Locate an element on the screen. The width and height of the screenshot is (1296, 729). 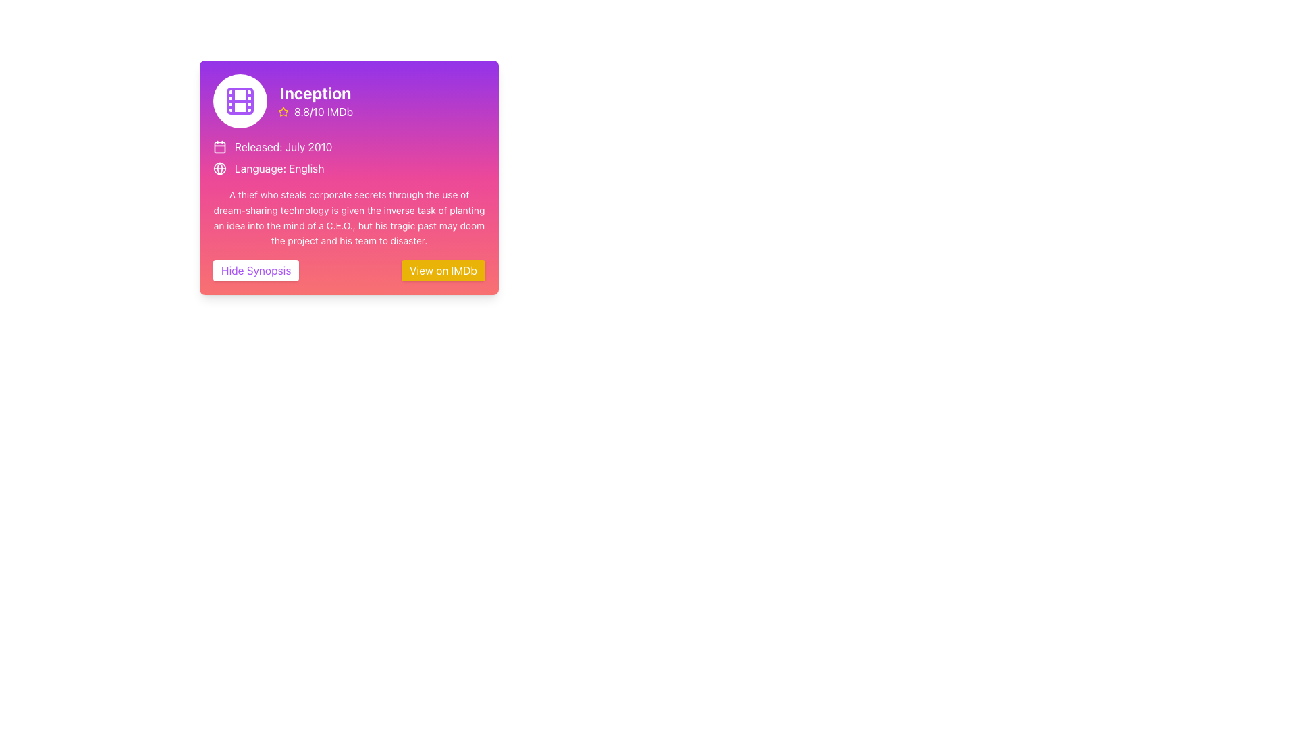
the informational text displaying the release date, which is positioned to the right of the small calendar icon and below the 'Inception' heading is located at coordinates (283, 147).